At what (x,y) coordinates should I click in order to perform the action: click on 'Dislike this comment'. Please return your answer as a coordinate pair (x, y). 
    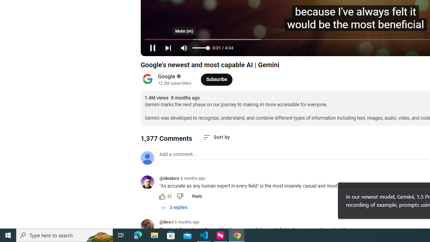
    Looking at the image, I should click on (180, 196).